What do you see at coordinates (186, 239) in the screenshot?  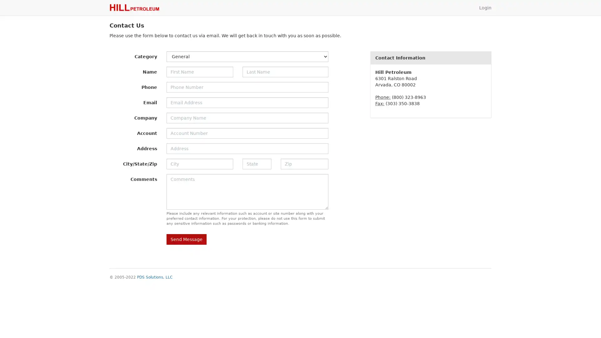 I see `Send Message` at bounding box center [186, 239].